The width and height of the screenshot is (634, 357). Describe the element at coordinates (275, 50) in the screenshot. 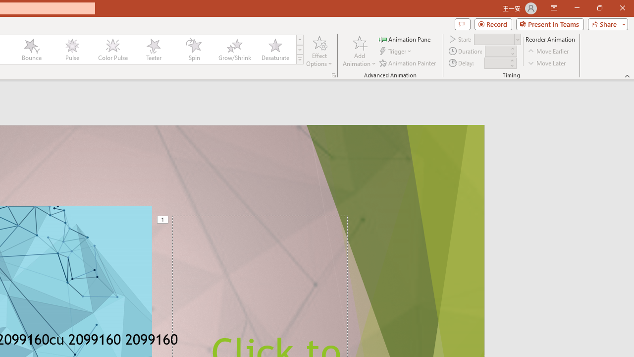

I see `'Desaturate'` at that location.